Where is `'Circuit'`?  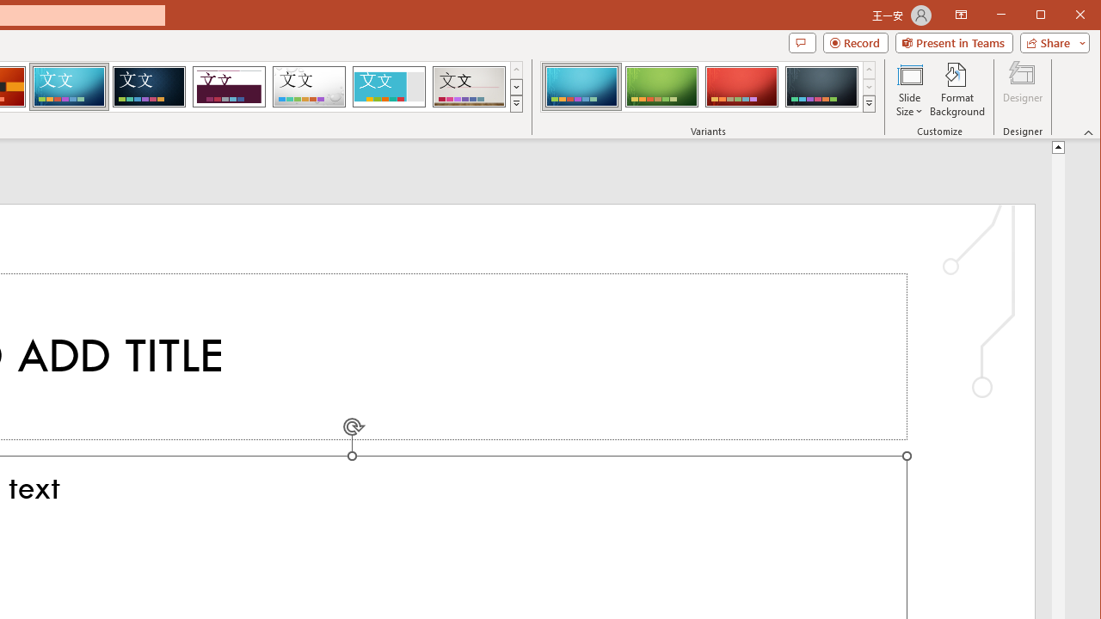
'Circuit' is located at coordinates (69, 86).